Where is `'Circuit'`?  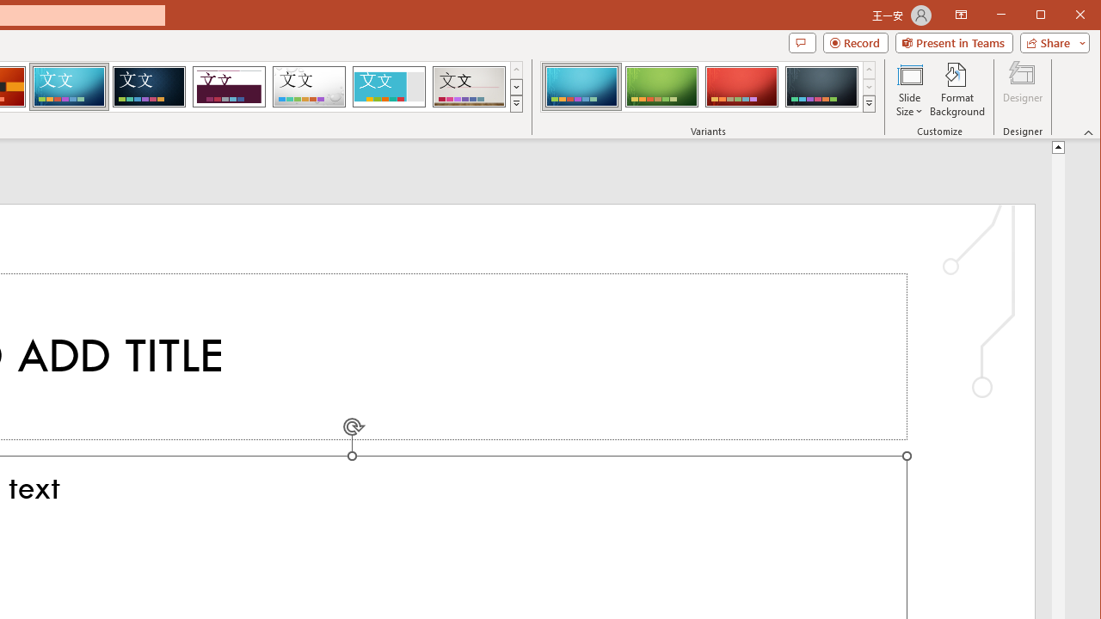
'Circuit' is located at coordinates (69, 86).